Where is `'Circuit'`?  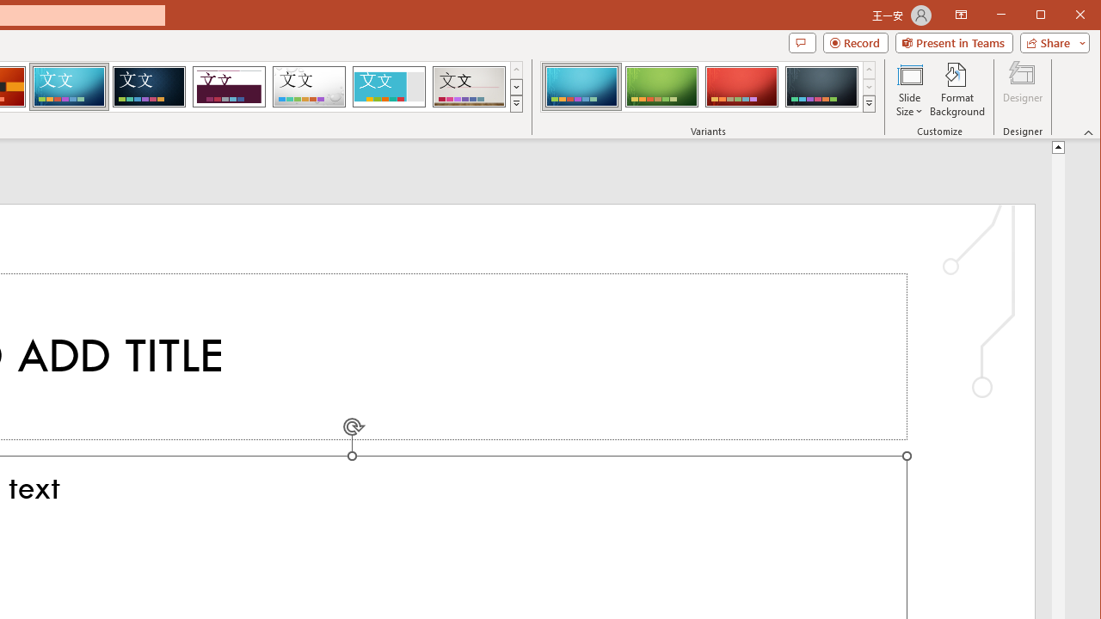
'Circuit' is located at coordinates (69, 86).